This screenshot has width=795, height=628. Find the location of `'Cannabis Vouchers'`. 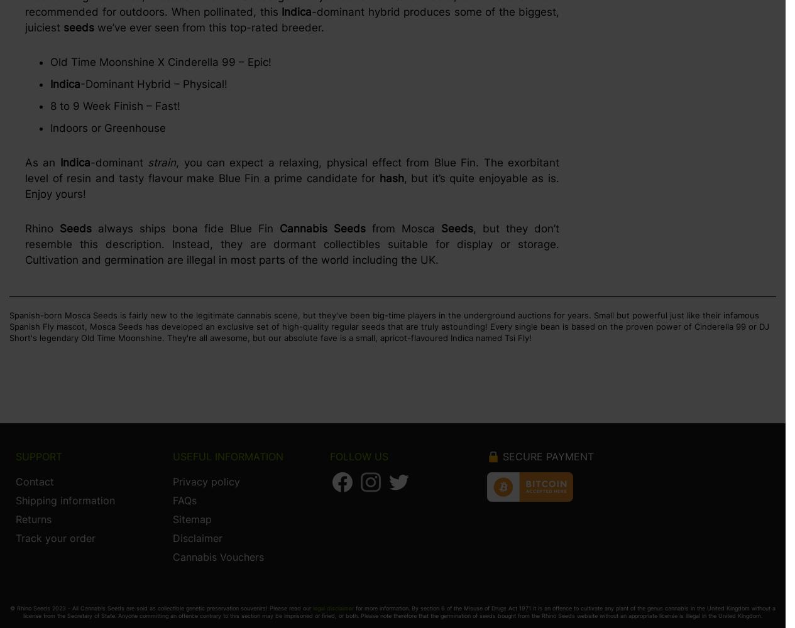

'Cannabis Vouchers' is located at coordinates (217, 557).